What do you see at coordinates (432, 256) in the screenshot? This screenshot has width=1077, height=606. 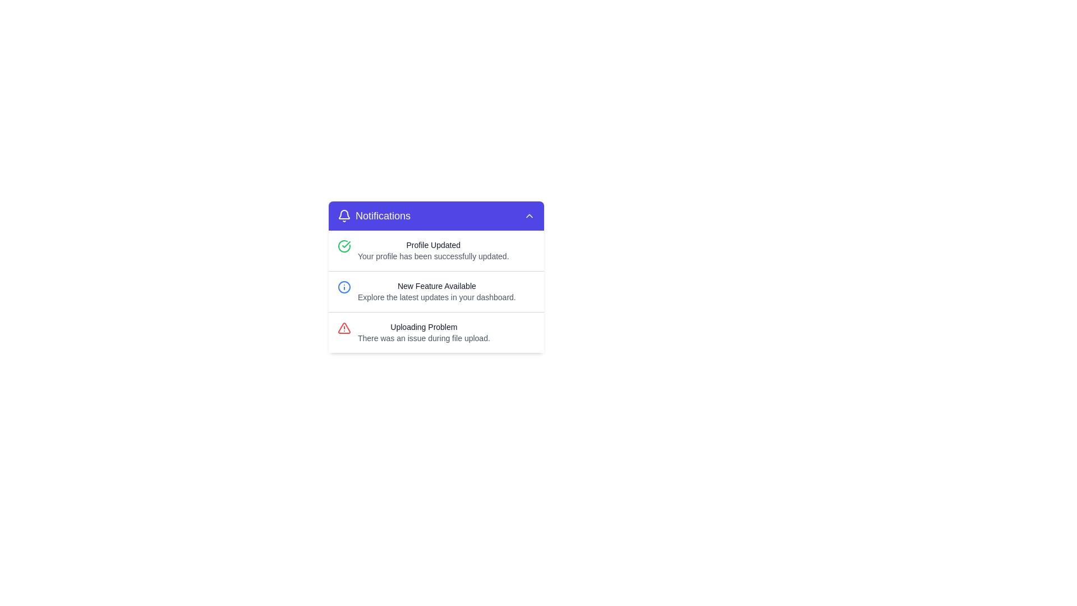 I see `the text label that indicates the user's profile update was successful, located directly under the 'Profile Updated' text in the notification message box` at bounding box center [432, 256].